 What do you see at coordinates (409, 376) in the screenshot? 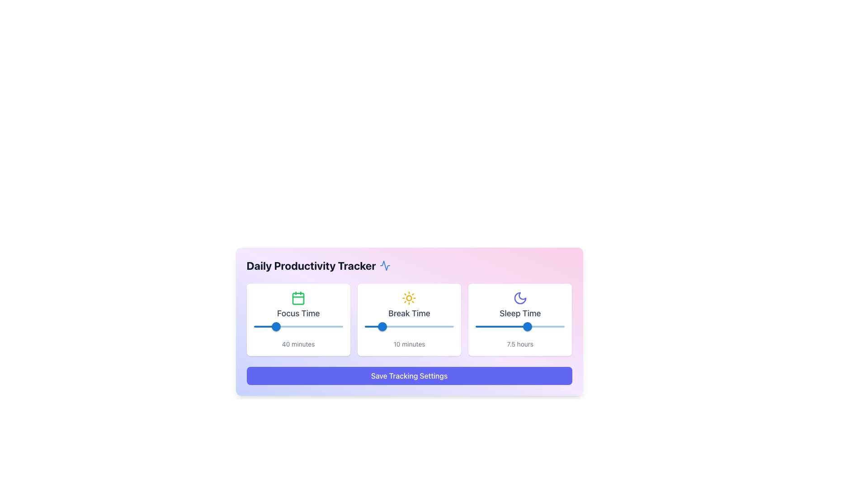
I see `the save button located at the bottom of the 'Daily Productivity Tracker' card` at bounding box center [409, 376].